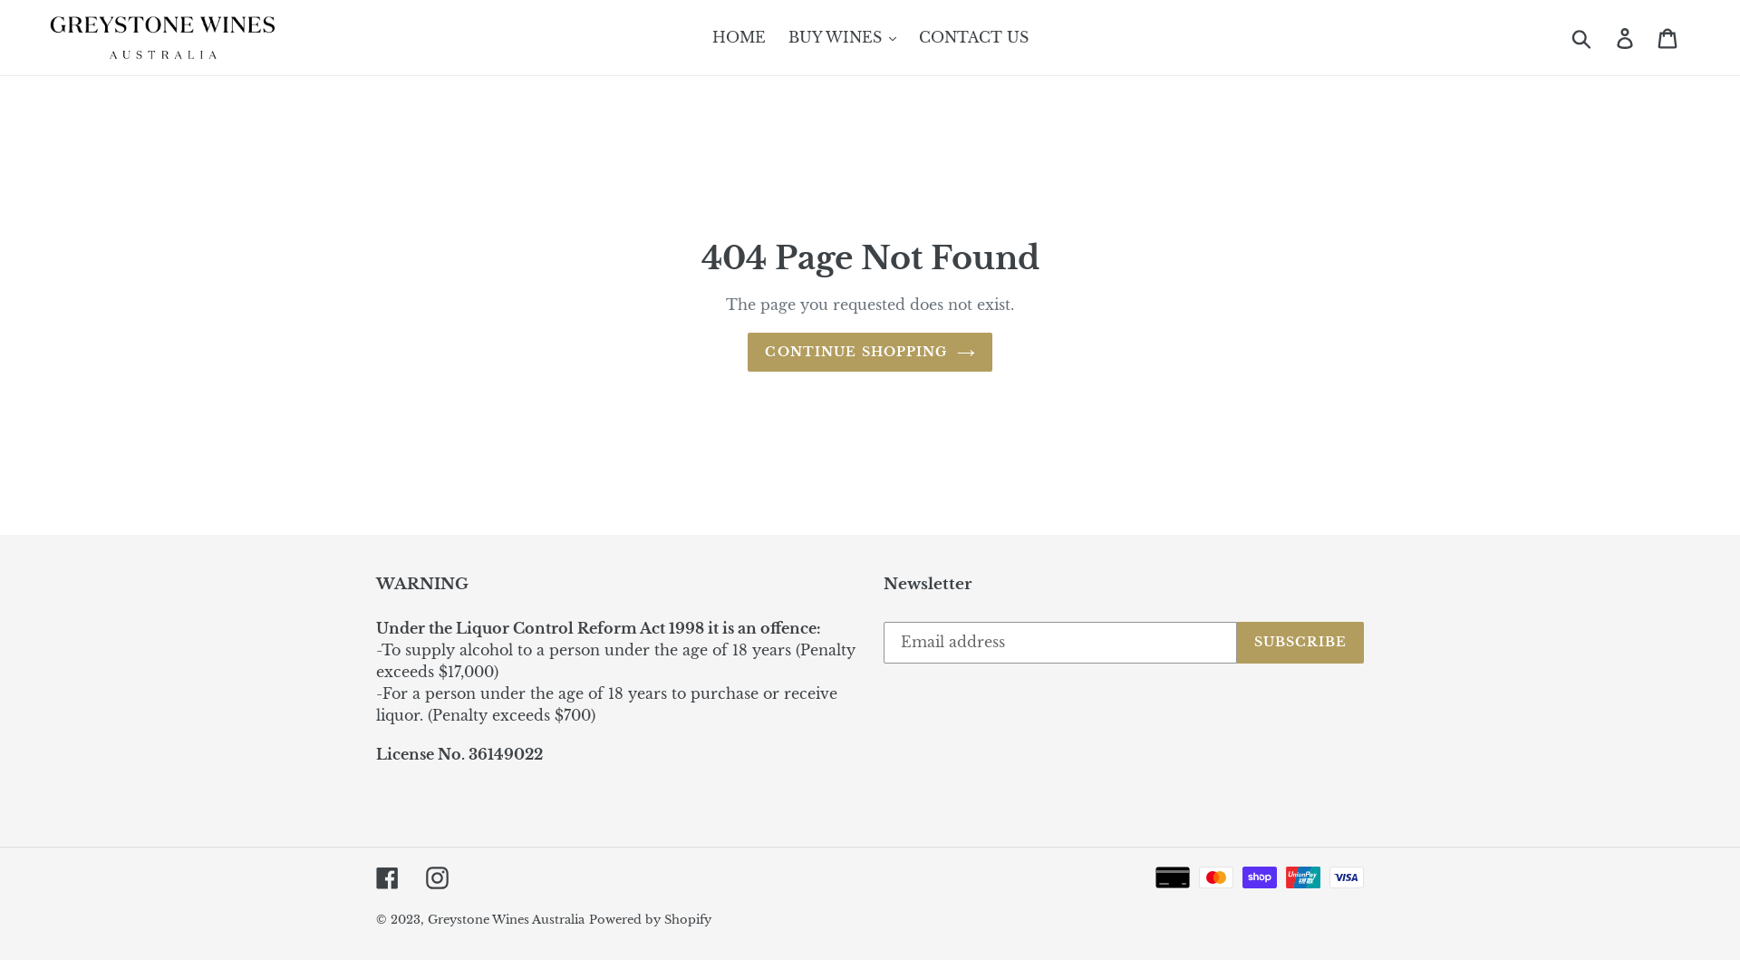  I want to click on 'SUBSCRIBE', so click(1300, 641).